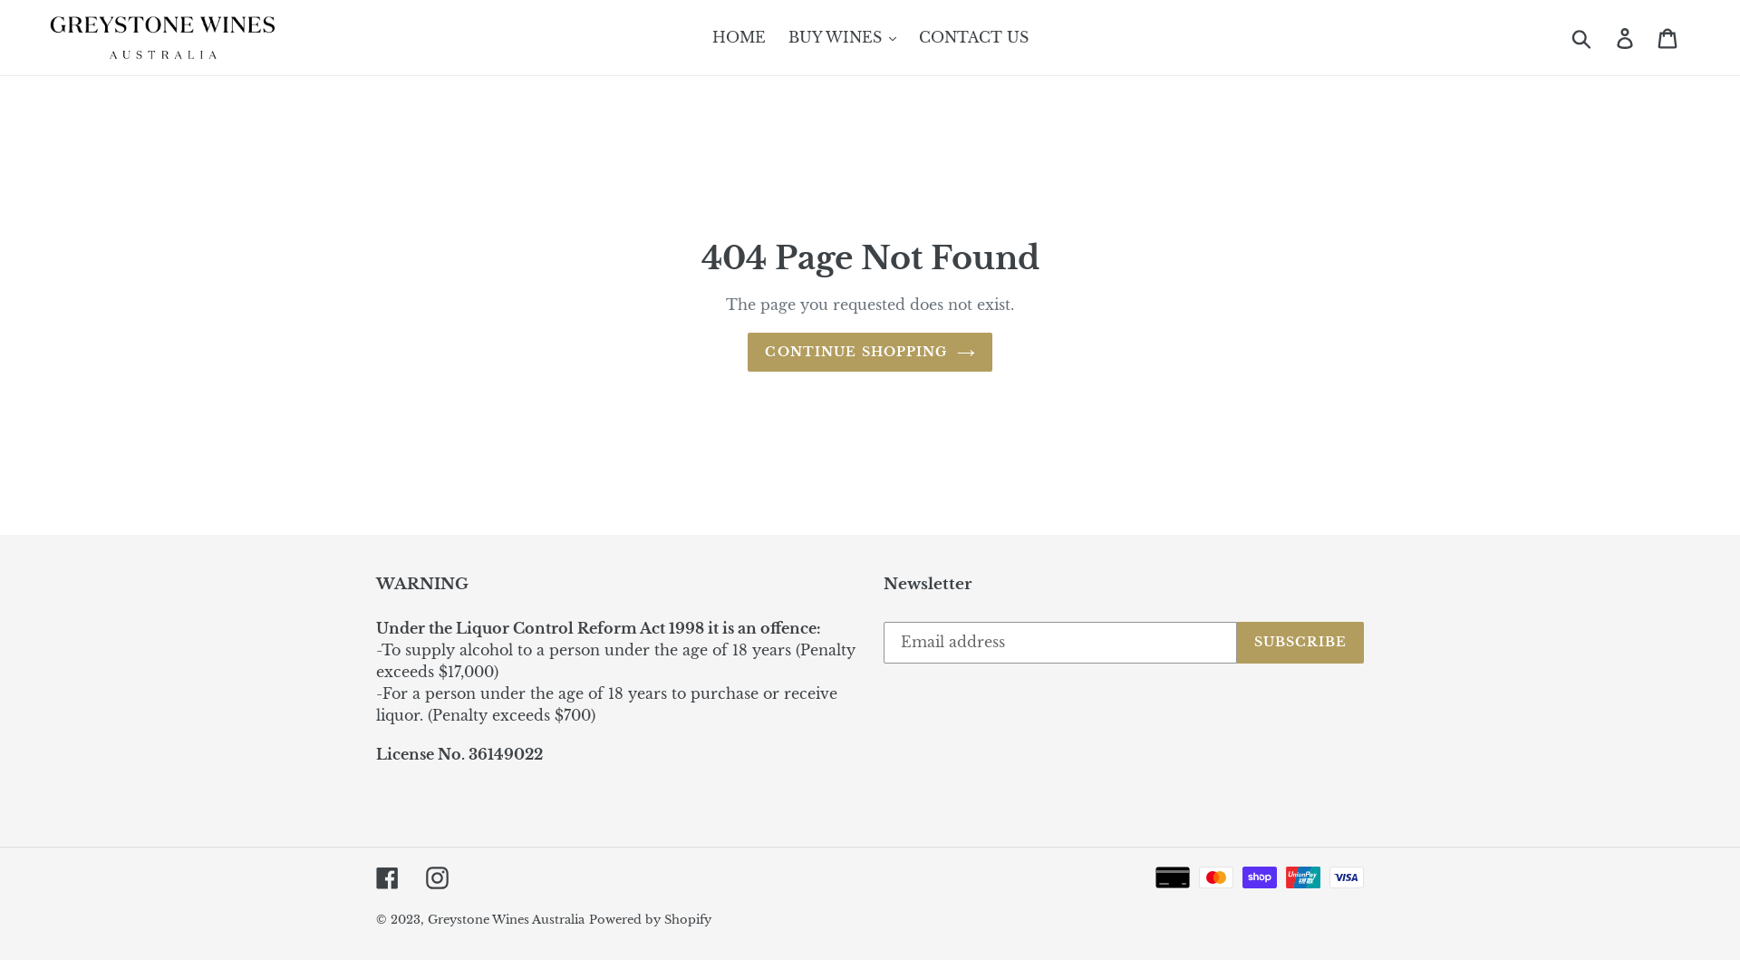  I want to click on 'SUBSCRIBE', so click(1300, 641).